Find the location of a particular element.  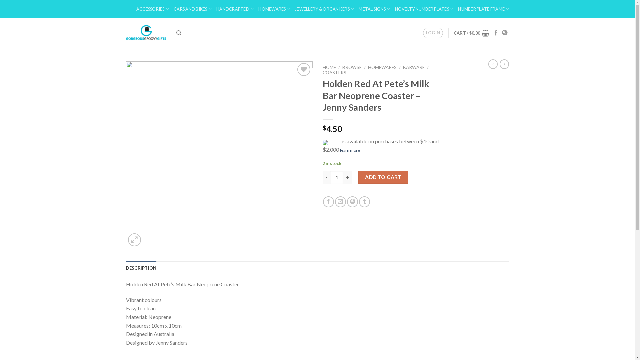

'BARWARE' is located at coordinates (413, 67).